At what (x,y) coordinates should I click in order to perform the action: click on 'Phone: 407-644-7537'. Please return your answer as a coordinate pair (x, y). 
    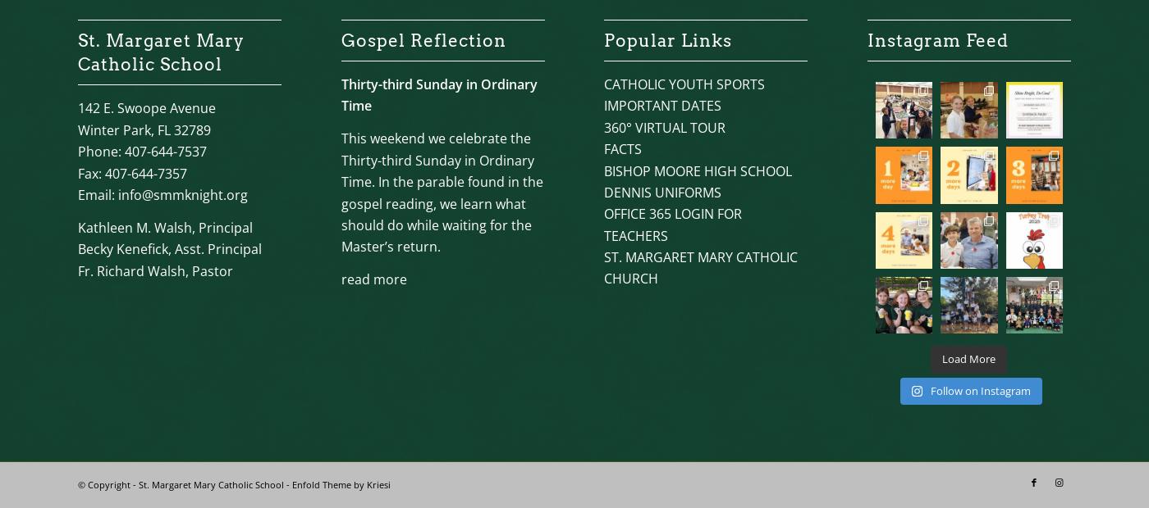
    Looking at the image, I should click on (142, 151).